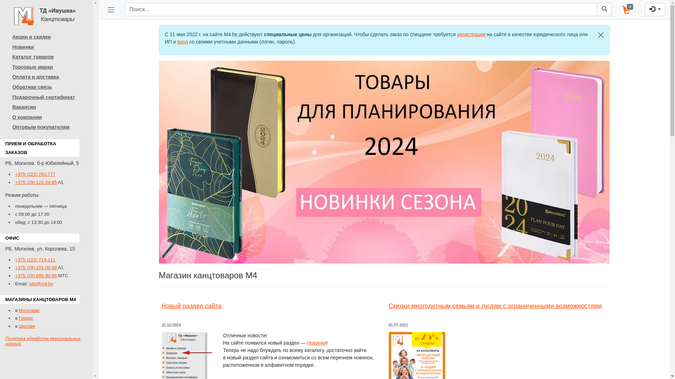 The height and width of the screenshot is (379, 675). I want to click on '0', so click(617, 9).